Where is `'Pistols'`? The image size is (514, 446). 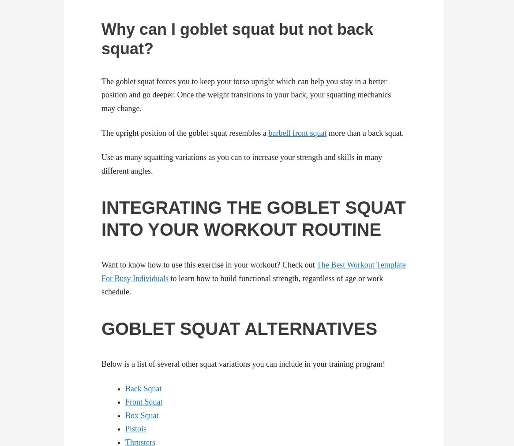
'Pistols' is located at coordinates (135, 429).